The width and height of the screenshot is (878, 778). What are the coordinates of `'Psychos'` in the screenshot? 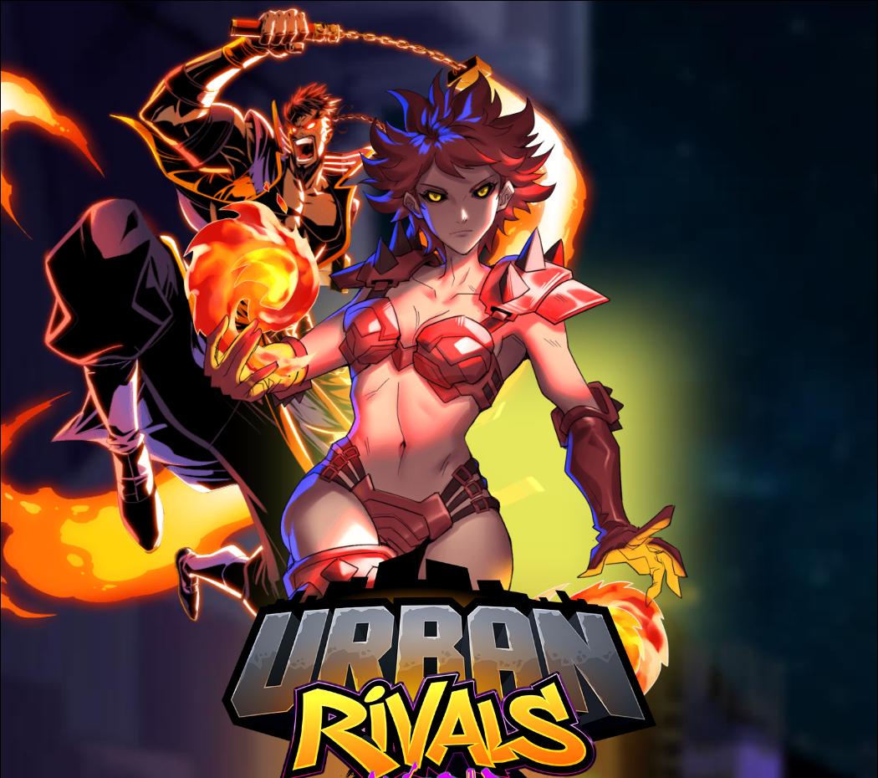 It's located at (431, 427).